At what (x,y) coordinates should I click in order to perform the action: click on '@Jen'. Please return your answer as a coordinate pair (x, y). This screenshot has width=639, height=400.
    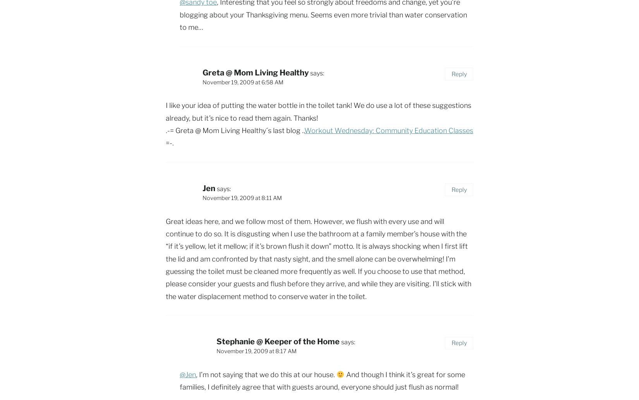
    Looking at the image, I should click on (179, 374).